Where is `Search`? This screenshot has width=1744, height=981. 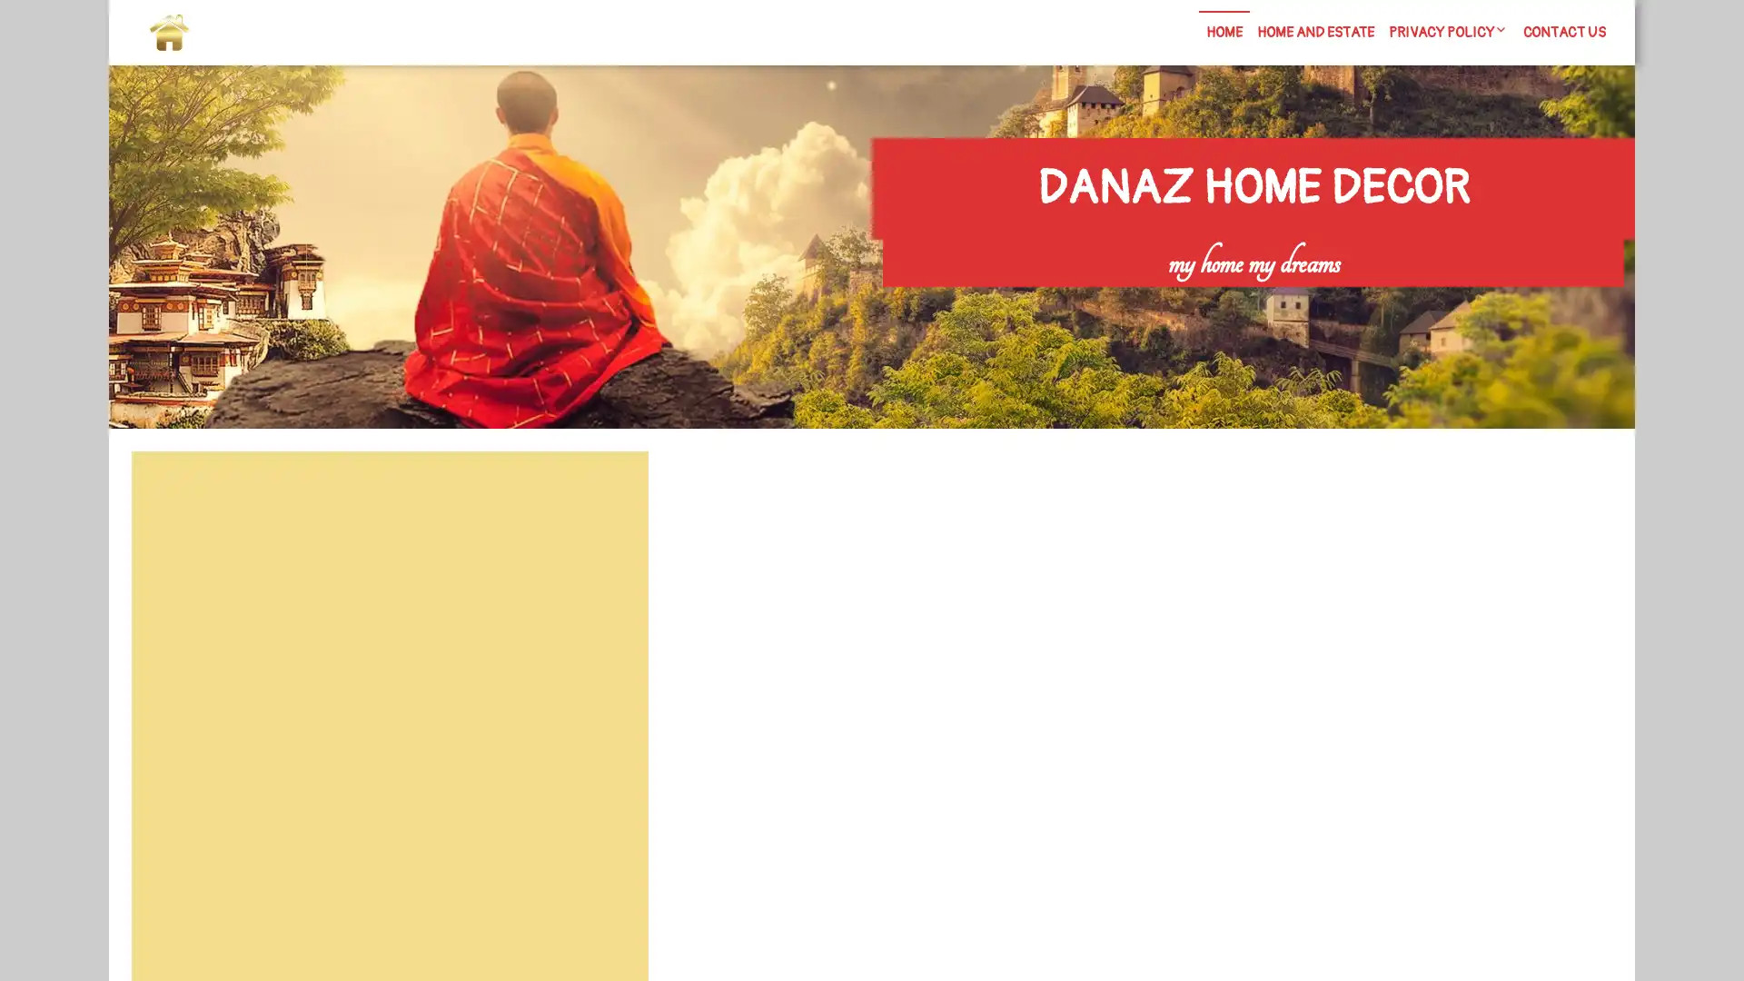
Search is located at coordinates (606, 495).